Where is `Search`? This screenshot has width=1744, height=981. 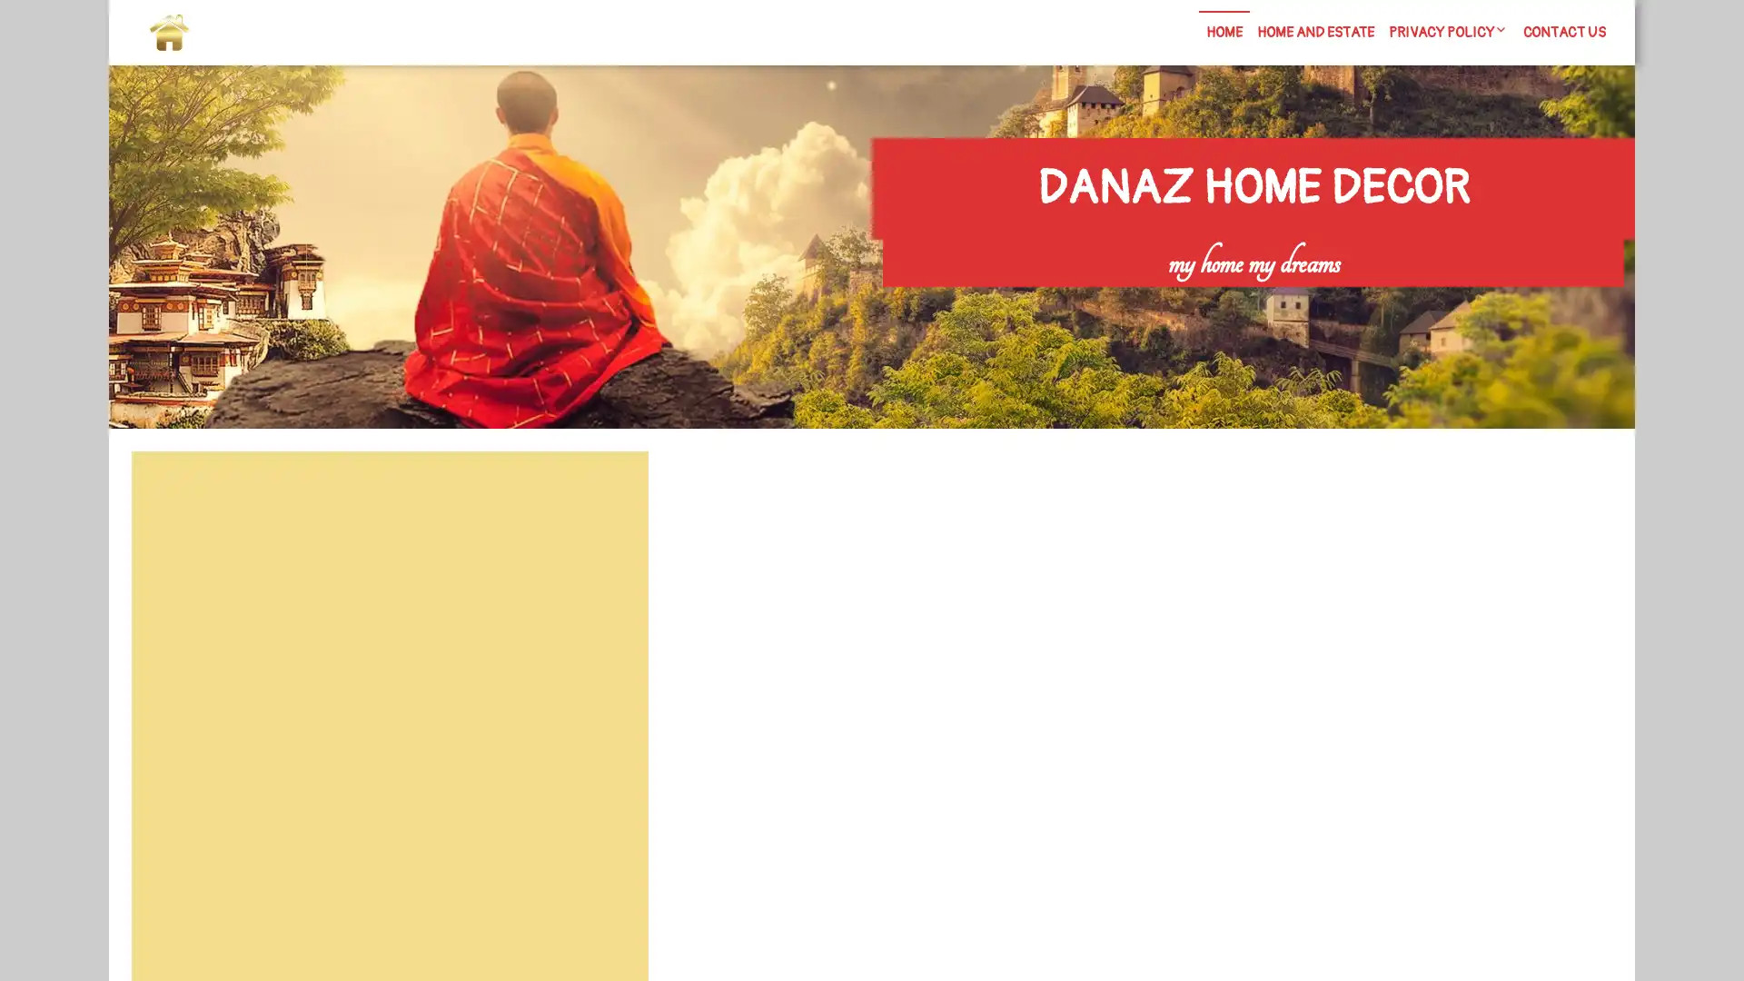
Search is located at coordinates (606, 495).